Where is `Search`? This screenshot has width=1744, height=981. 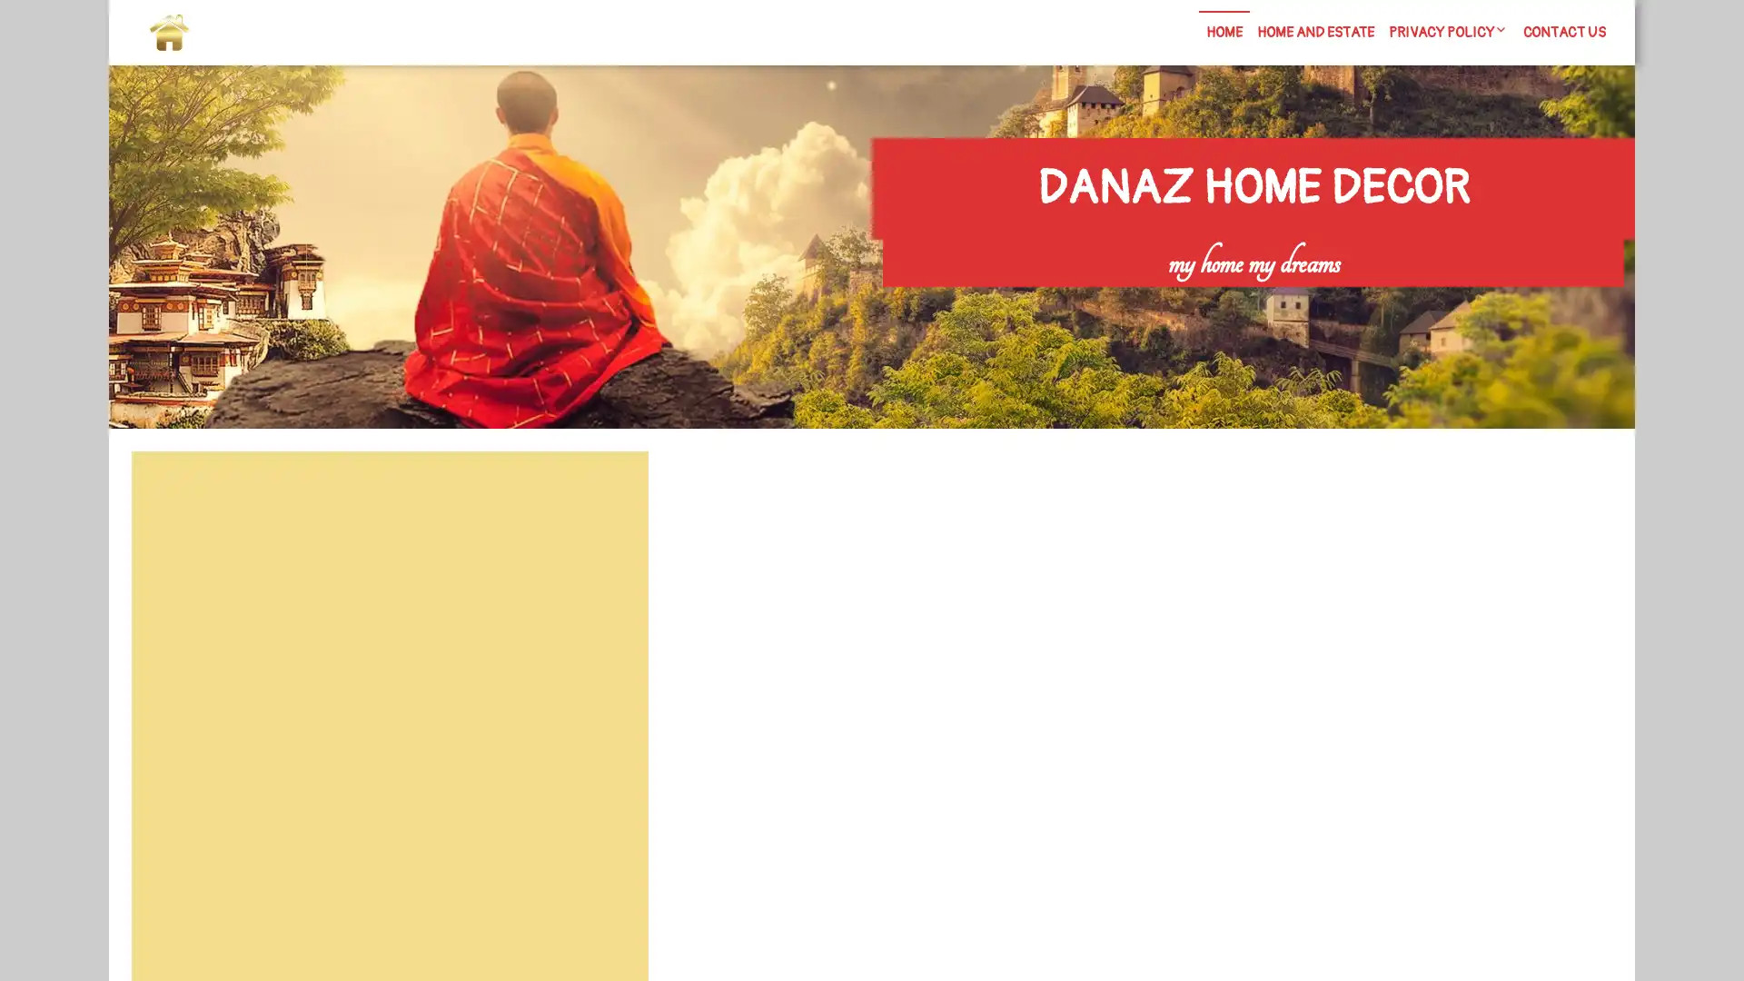
Search is located at coordinates (606, 495).